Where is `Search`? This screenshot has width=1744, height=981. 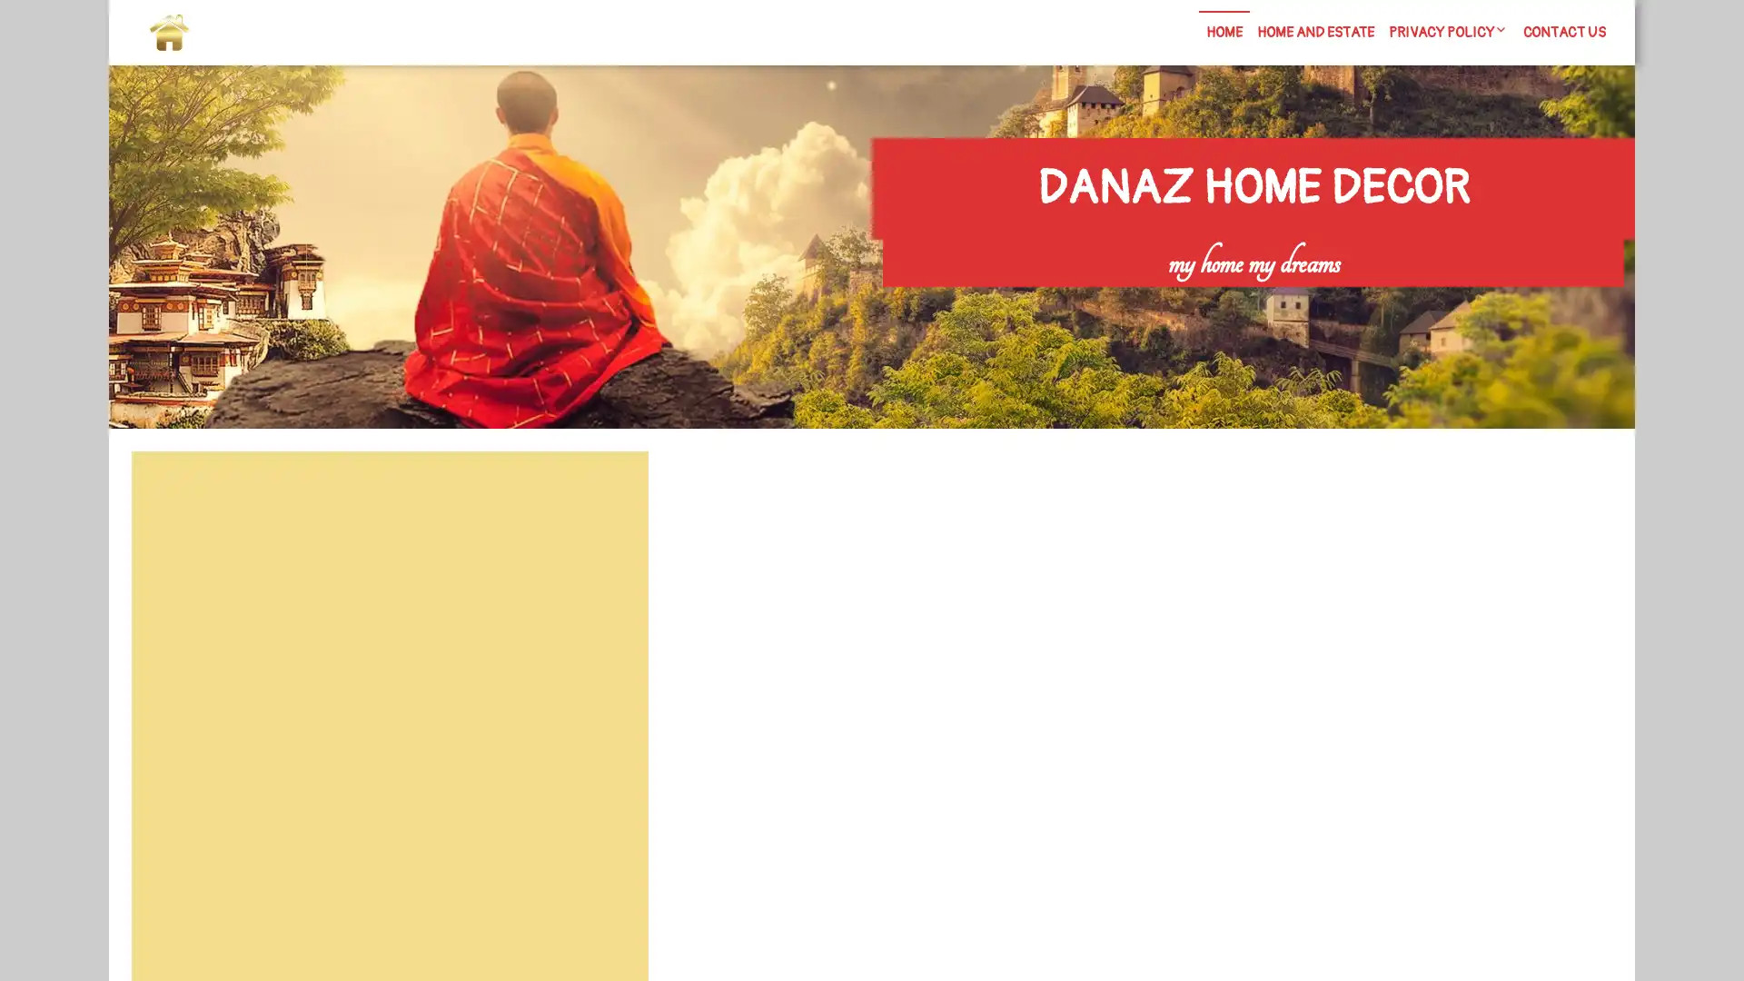
Search is located at coordinates (606, 495).